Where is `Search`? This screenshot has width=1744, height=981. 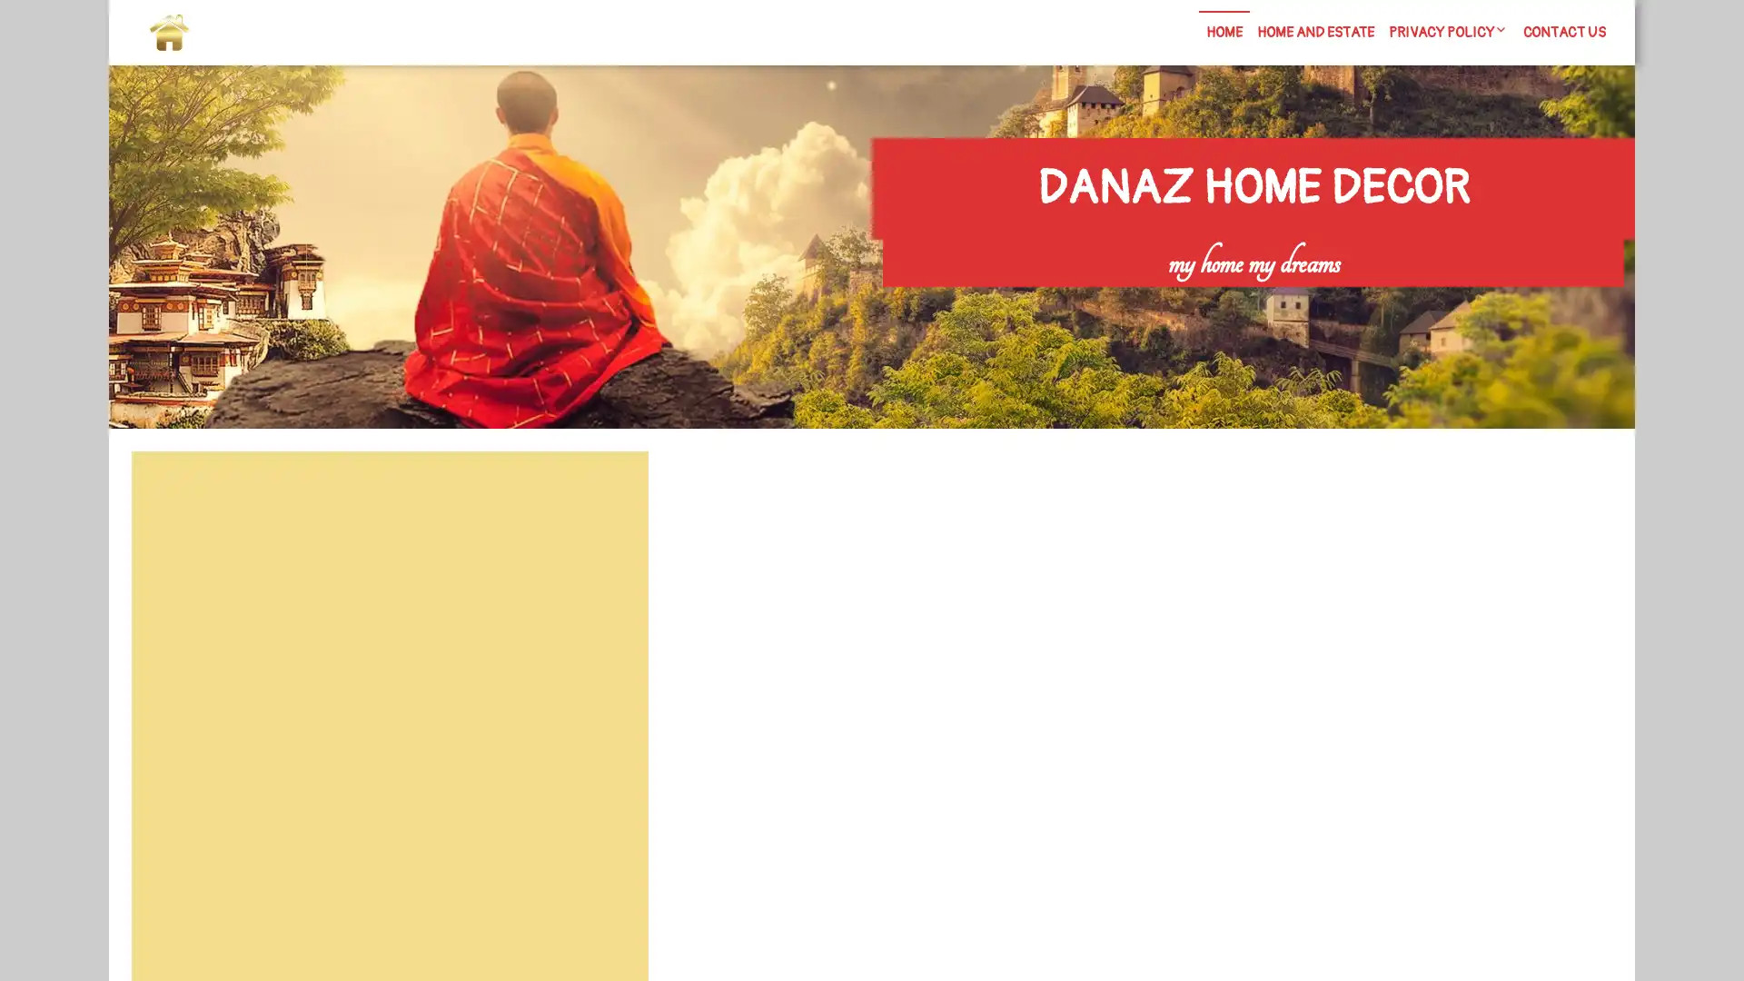
Search is located at coordinates (606, 495).